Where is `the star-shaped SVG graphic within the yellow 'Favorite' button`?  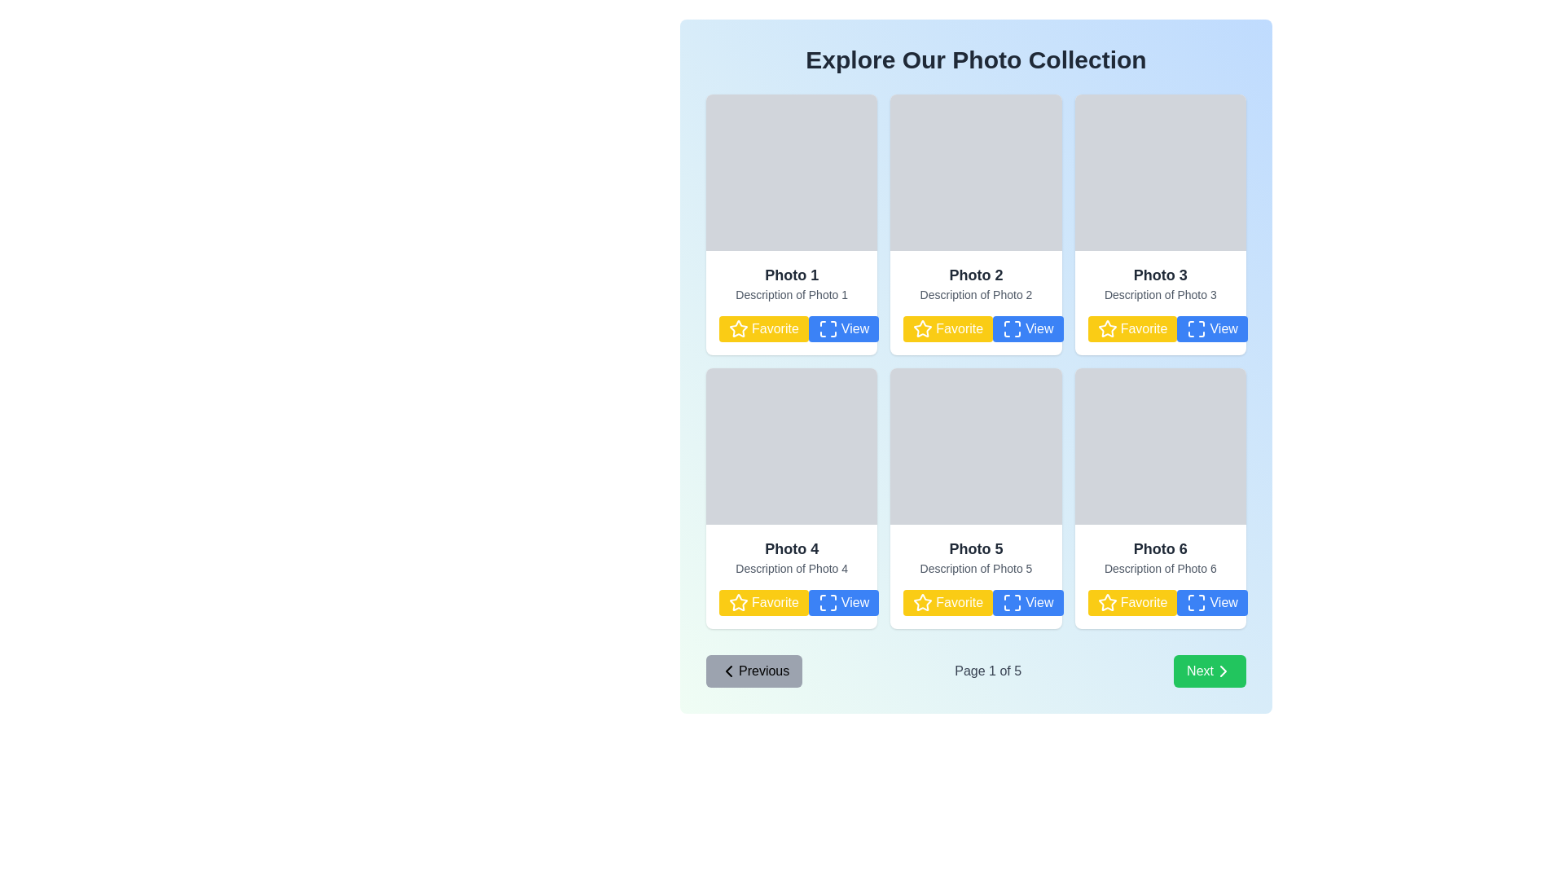
the star-shaped SVG graphic within the yellow 'Favorite' button is located at coordinates (923, 329).